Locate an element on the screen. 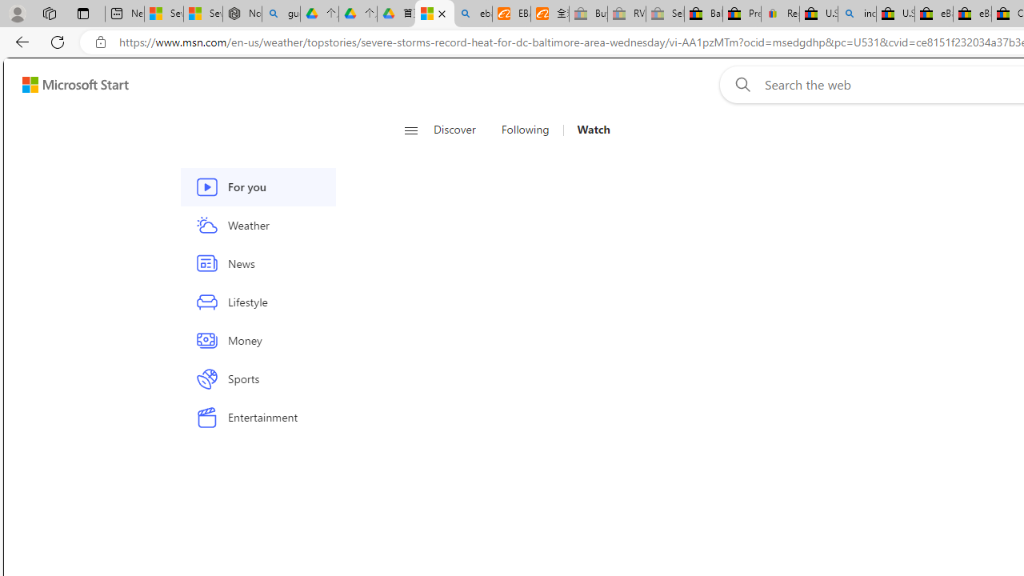  'eBay Inc. Reports Third Quarter 2023 Results' is located at coordinates (971, 14).